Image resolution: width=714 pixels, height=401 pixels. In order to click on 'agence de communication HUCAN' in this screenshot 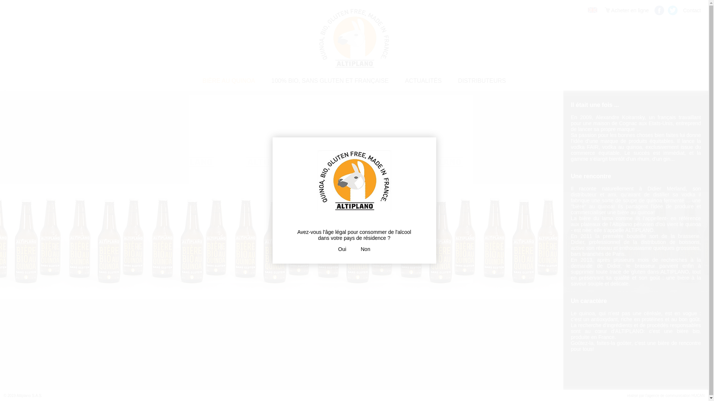, I will do `click(676, 395)`.